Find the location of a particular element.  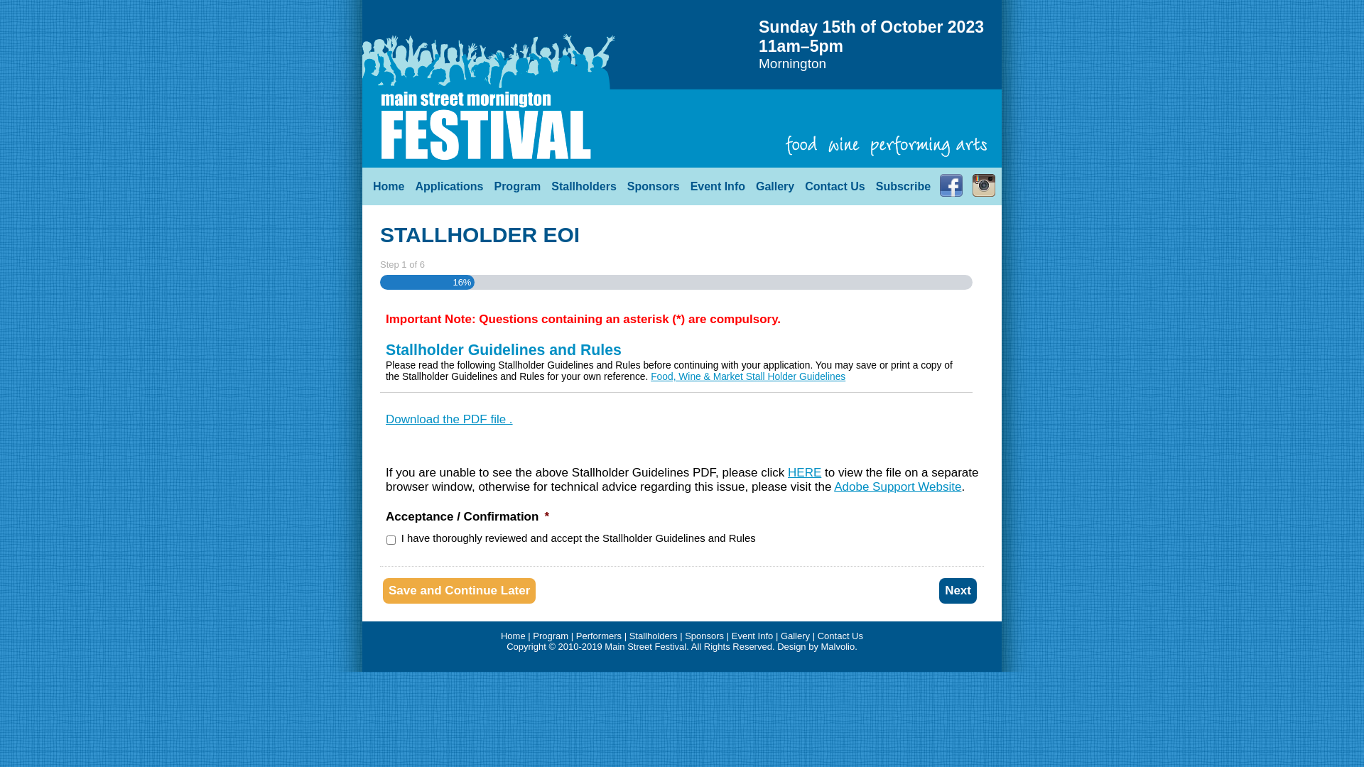

'Performers' is located at coordinates (599, 635).